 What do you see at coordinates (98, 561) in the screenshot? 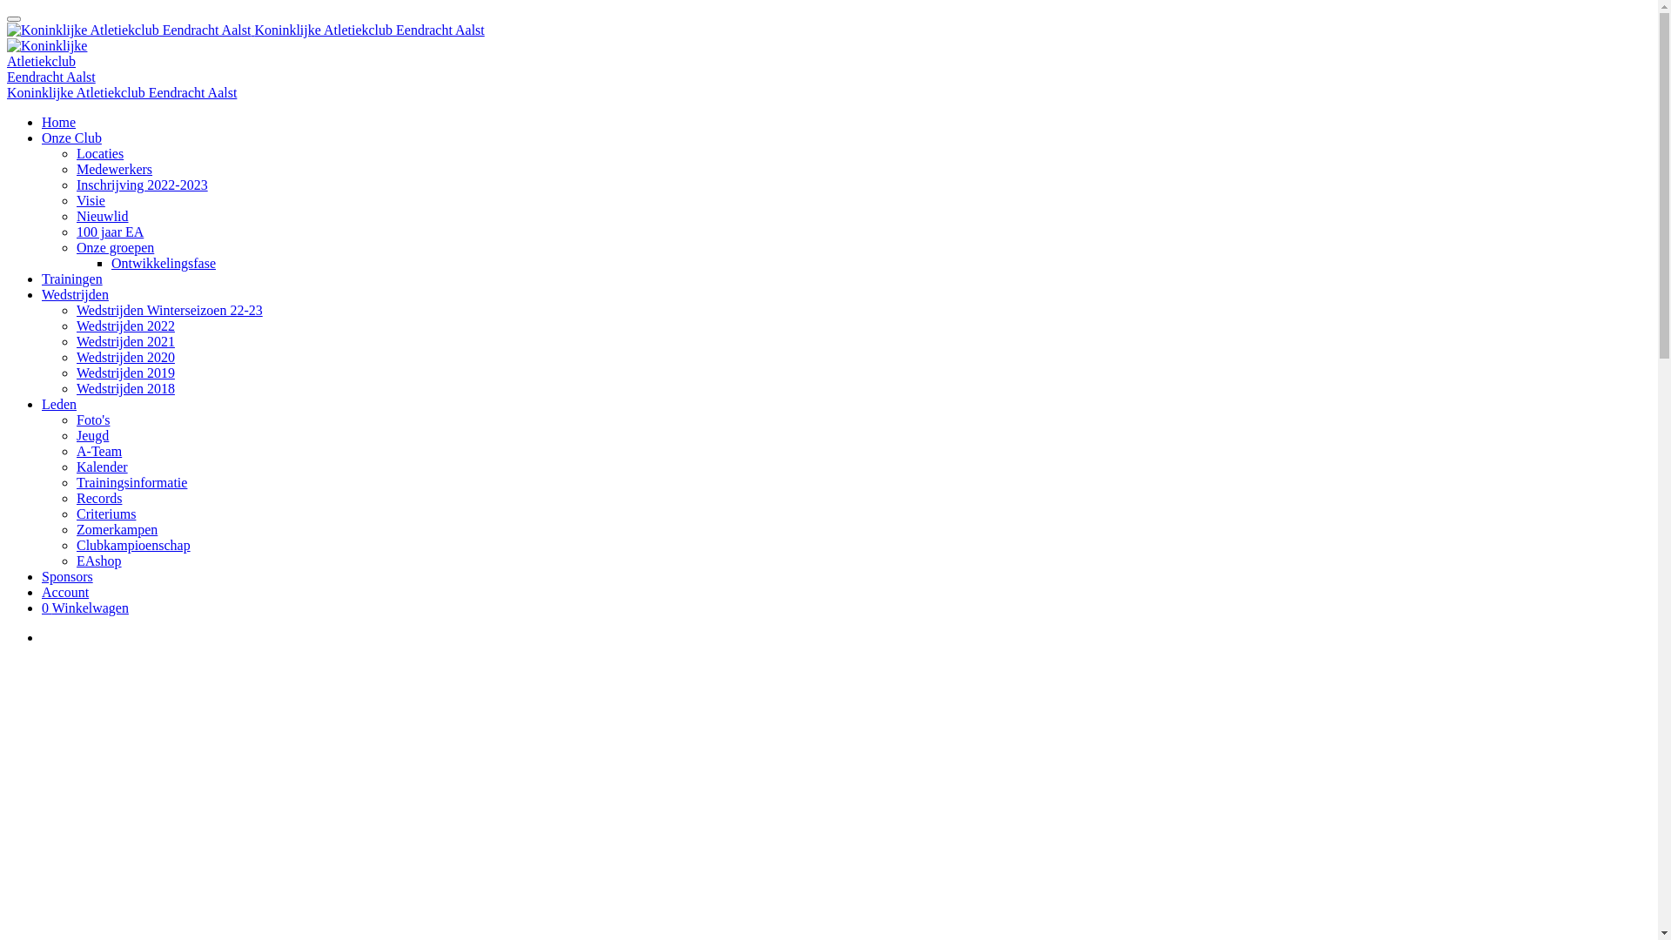
I see `'EAshop'` at bounding box center [98, 561].